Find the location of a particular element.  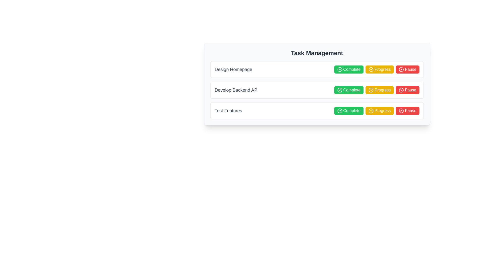

the 'Progress' button with a yellow background and white rounded text is located at coordinates (380, 110).